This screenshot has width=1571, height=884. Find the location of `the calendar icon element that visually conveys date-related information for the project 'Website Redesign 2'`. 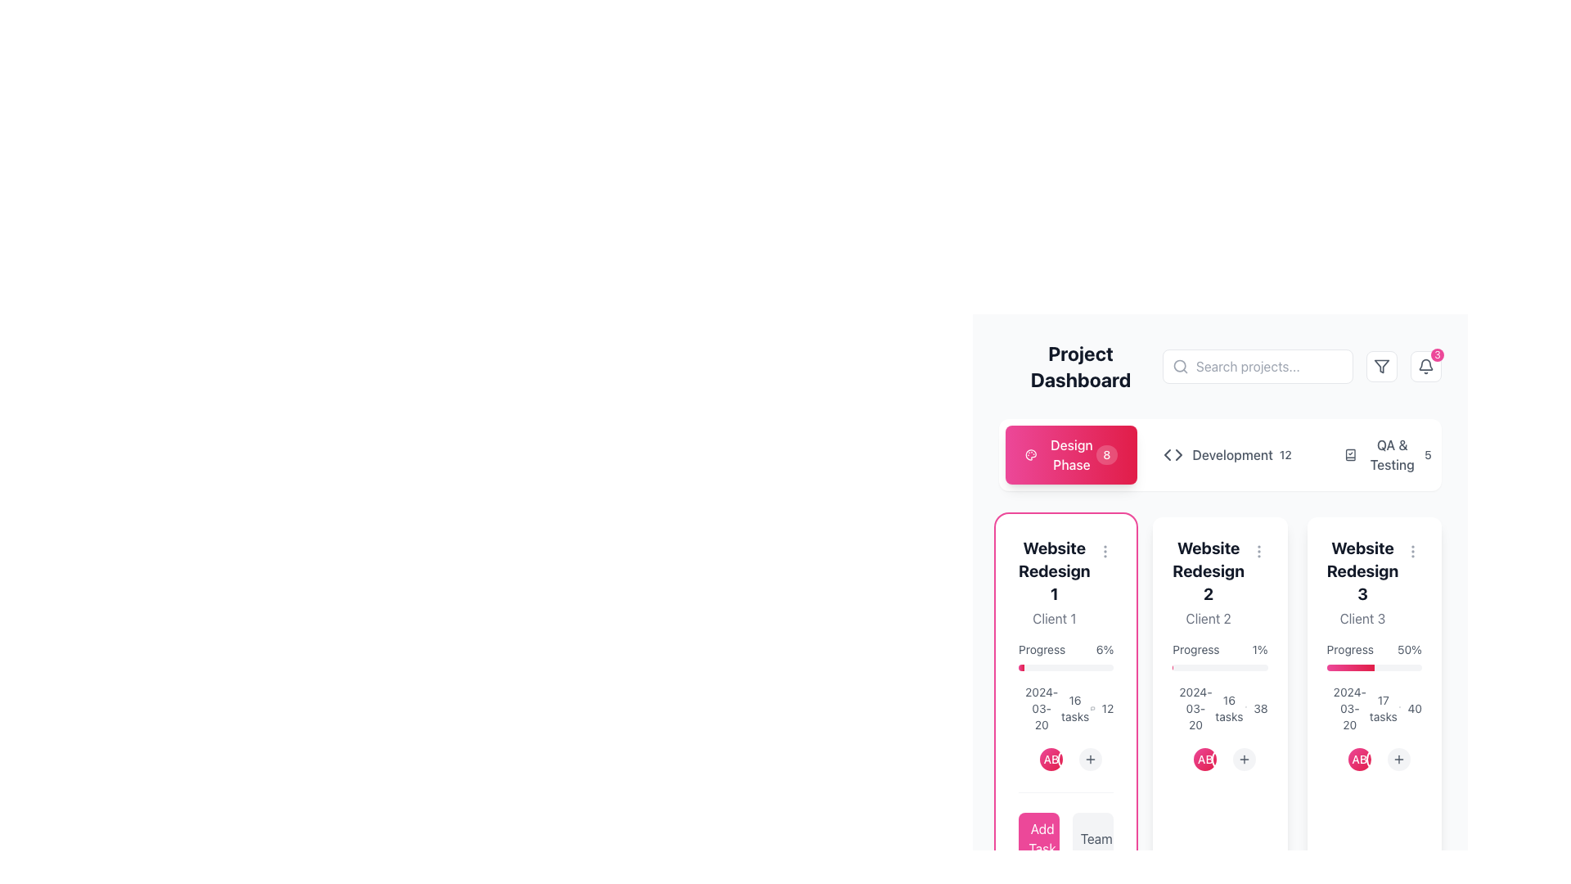

the calendar icon element that visually conveys date-related information for the project 'Website Redesign 2' is located at coordinates (1182, 712).